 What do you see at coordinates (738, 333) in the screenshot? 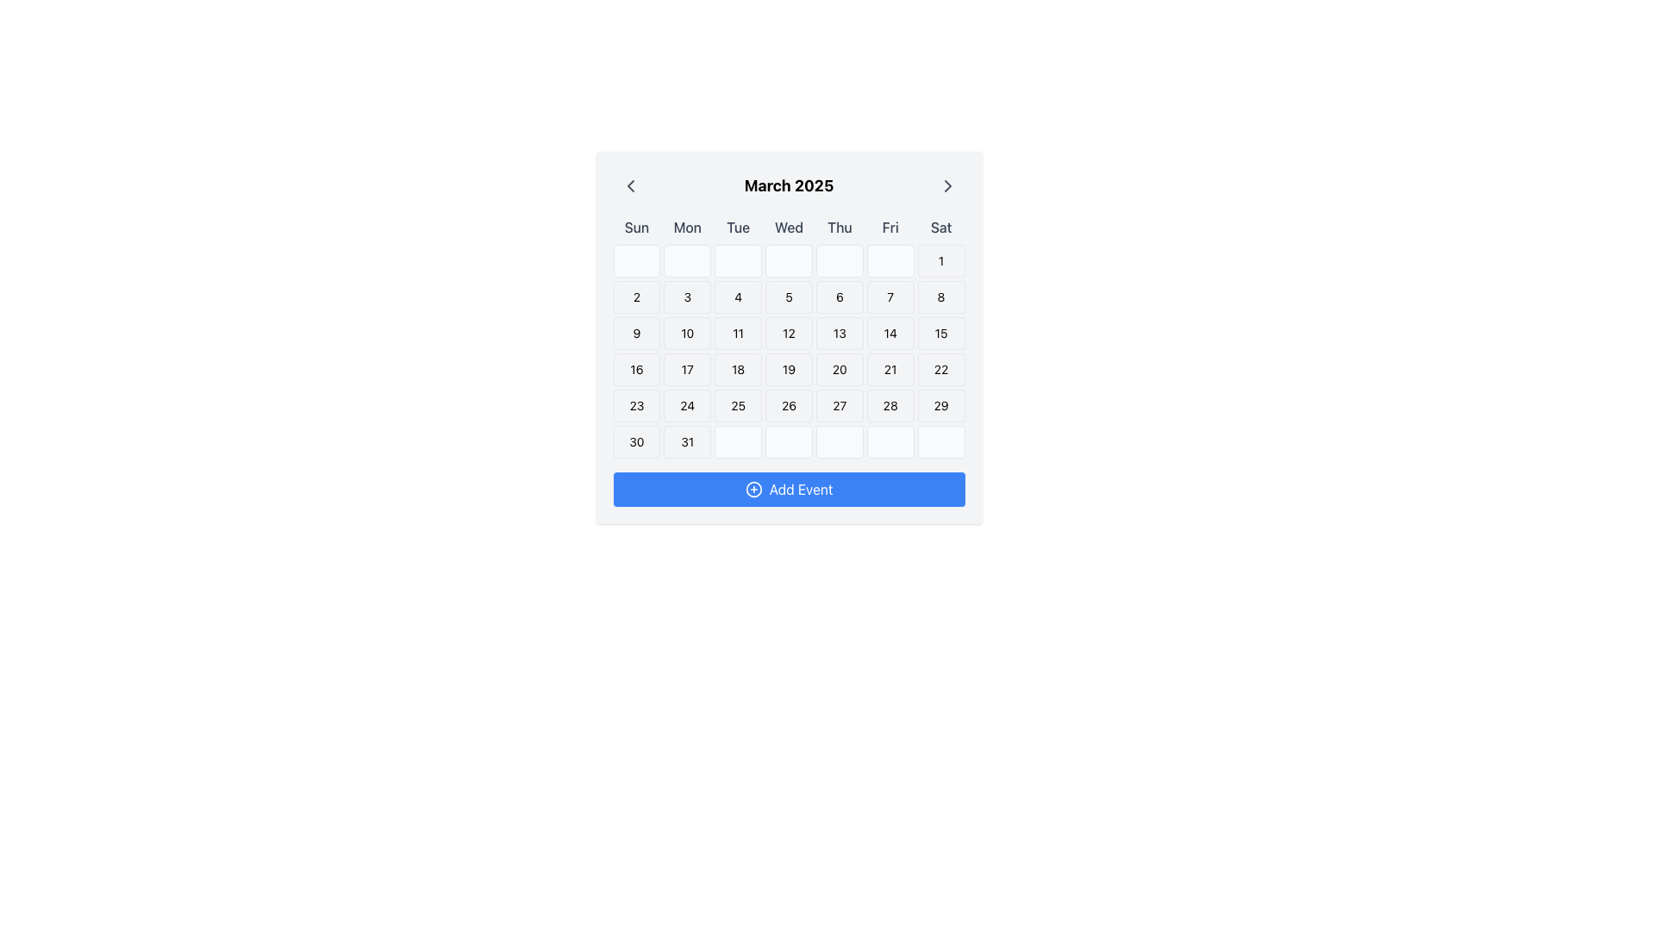
I see `the grid cell button displaying '11'` at bounding box center [738, 333].